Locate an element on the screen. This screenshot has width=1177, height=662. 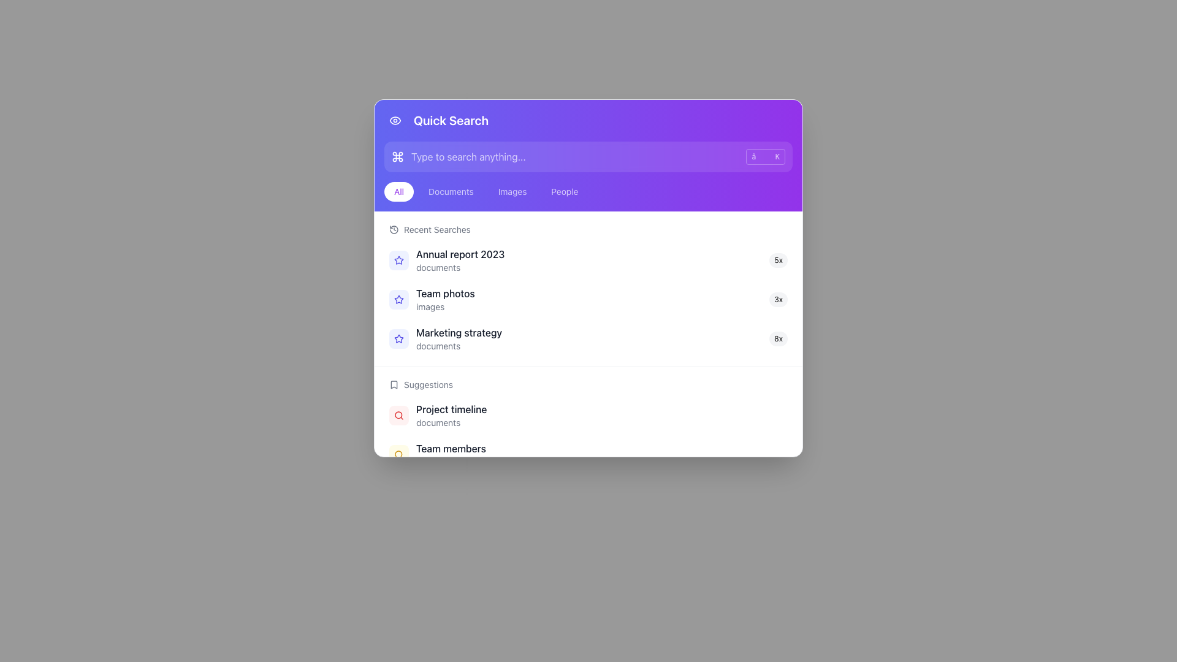
the inner circular part of the search icon, which visually represents the search functionality of the application is located at coordinates (398, 414).